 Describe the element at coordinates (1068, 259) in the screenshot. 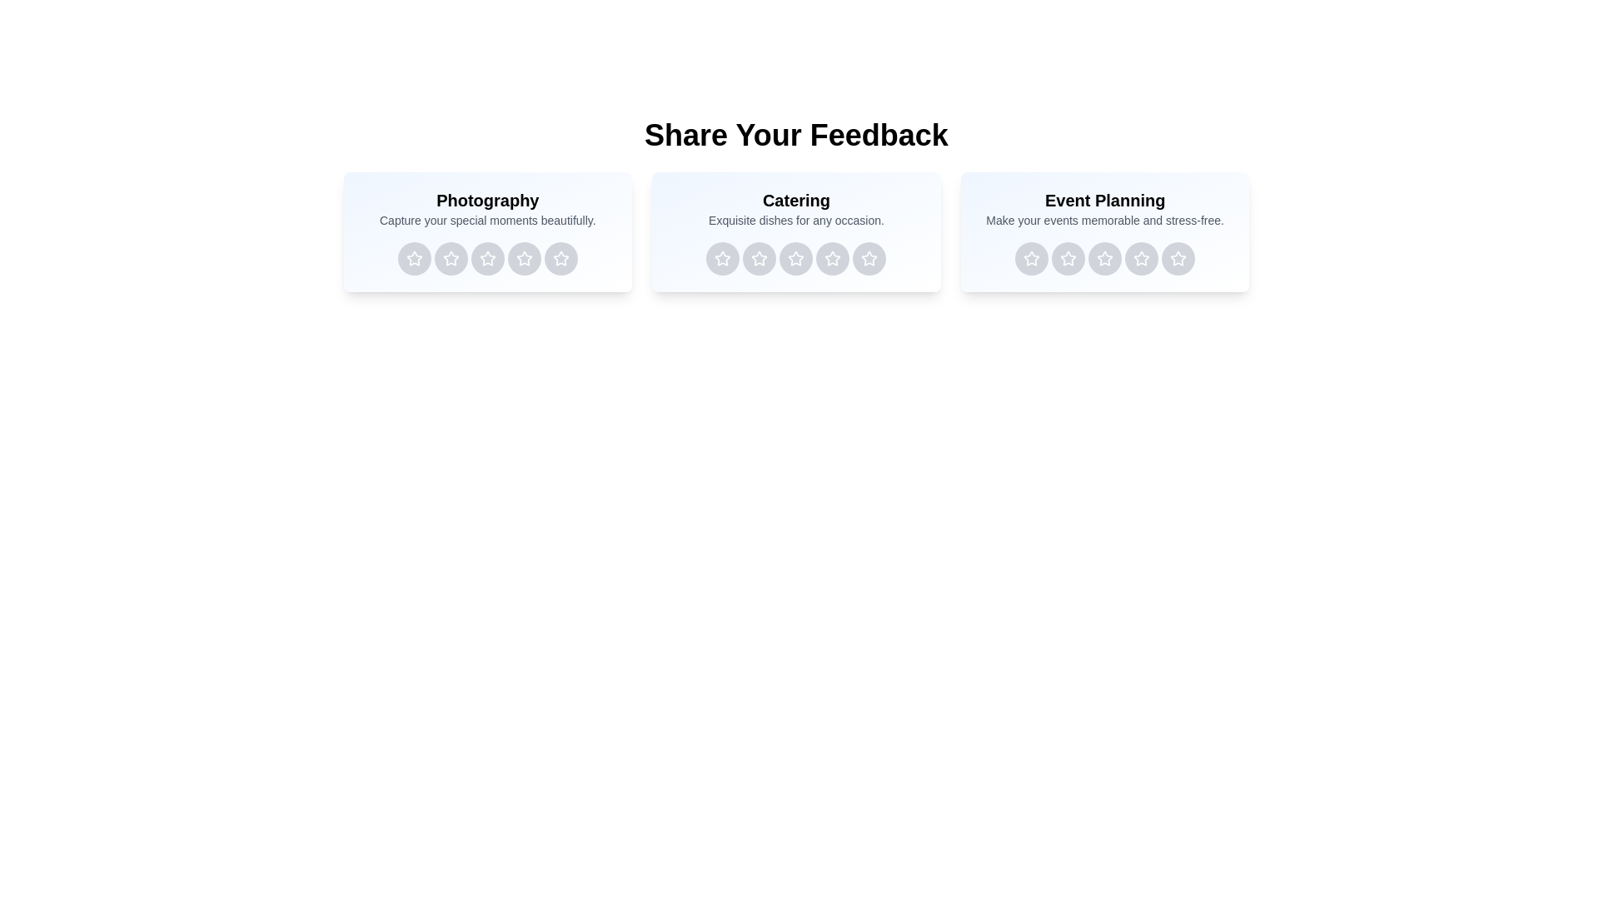

I see `the rating button for Event Planning service with 2 stars` at that location.